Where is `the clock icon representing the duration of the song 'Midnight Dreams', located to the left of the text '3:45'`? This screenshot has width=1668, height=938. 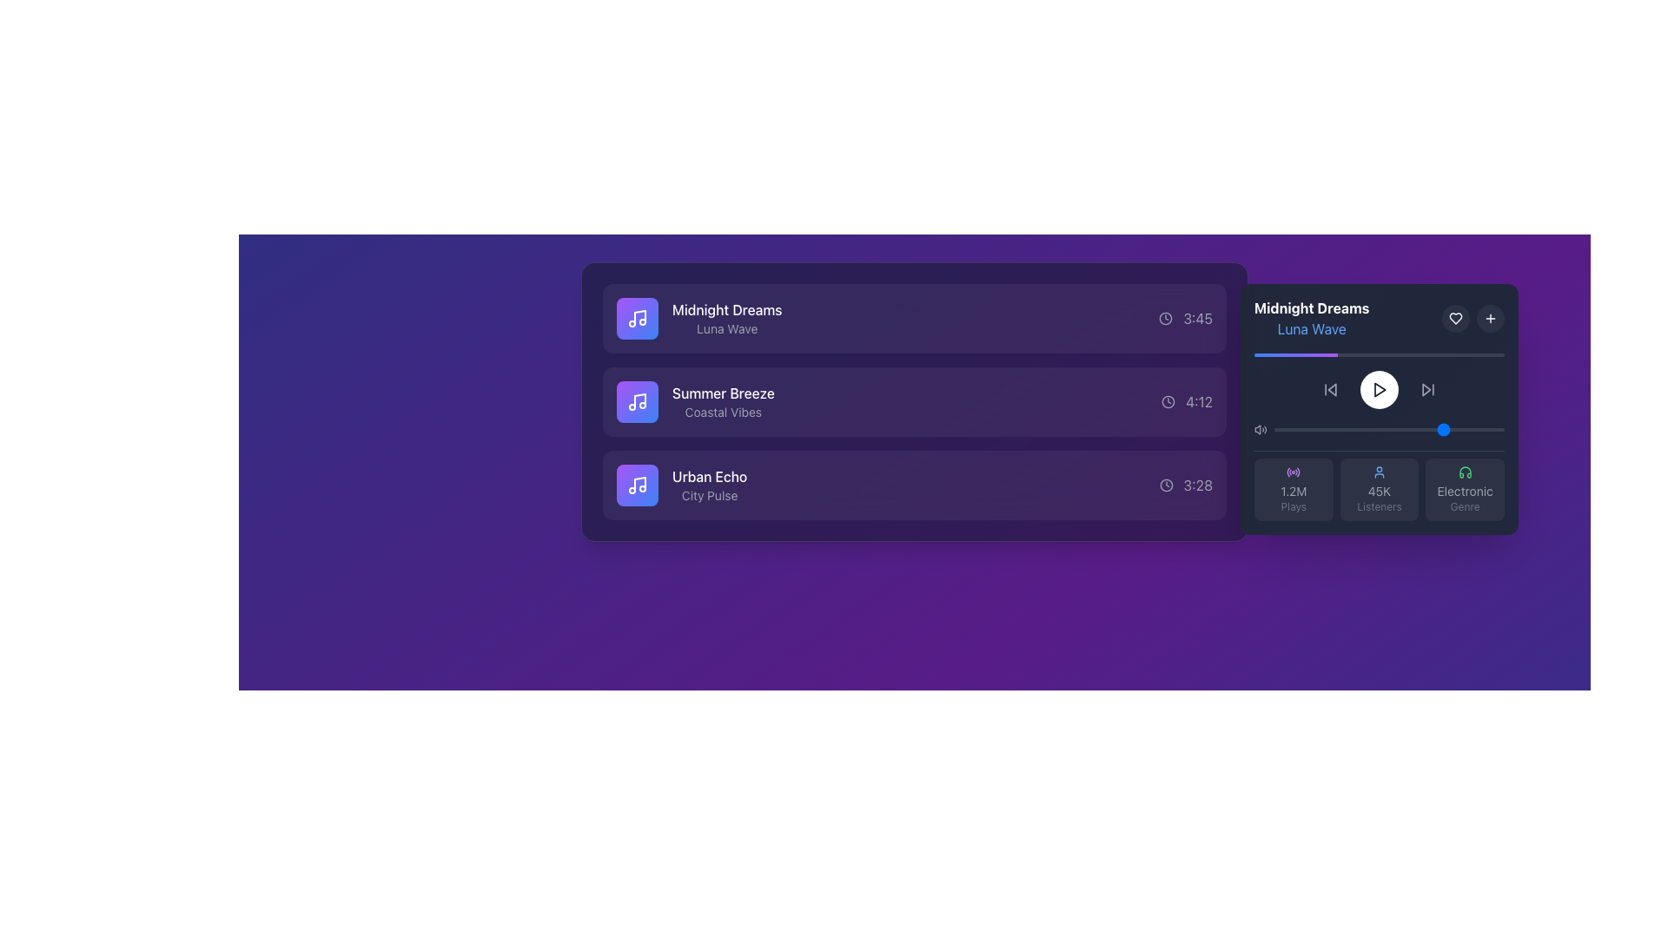
the clock icon representing the duration of the song 'Midnight Dreams', located to the left of the text '3:45' is located at coordinates (1166, 318).